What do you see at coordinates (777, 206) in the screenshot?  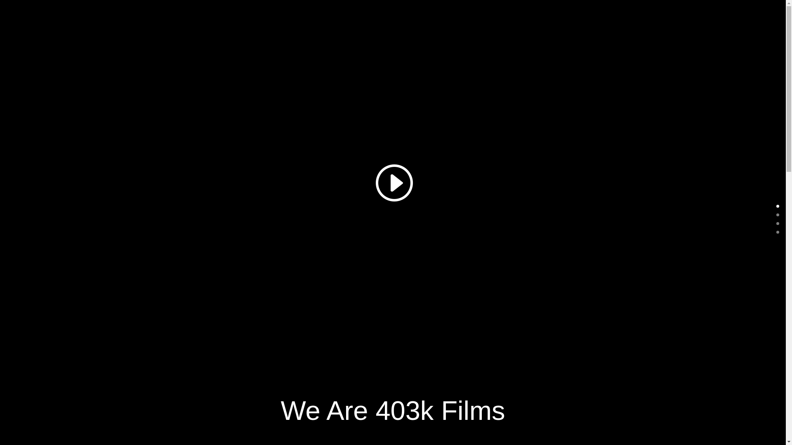 I see `'0'` at bounding box center [777, 206].